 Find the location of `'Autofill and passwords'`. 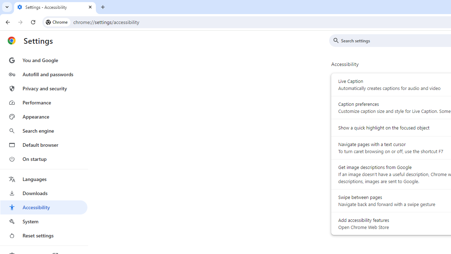

'Autofill and passwords' is located at coordinates (43, 74).